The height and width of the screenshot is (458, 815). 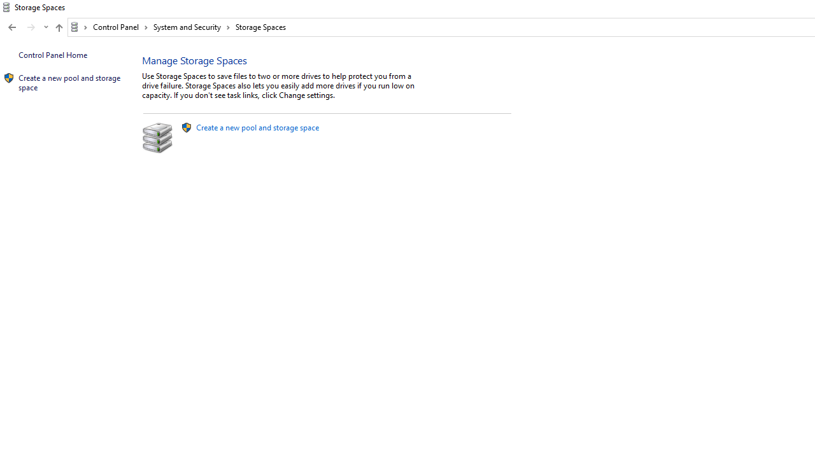 I want to click on 'Control Panel', so click(x=120, y=27).